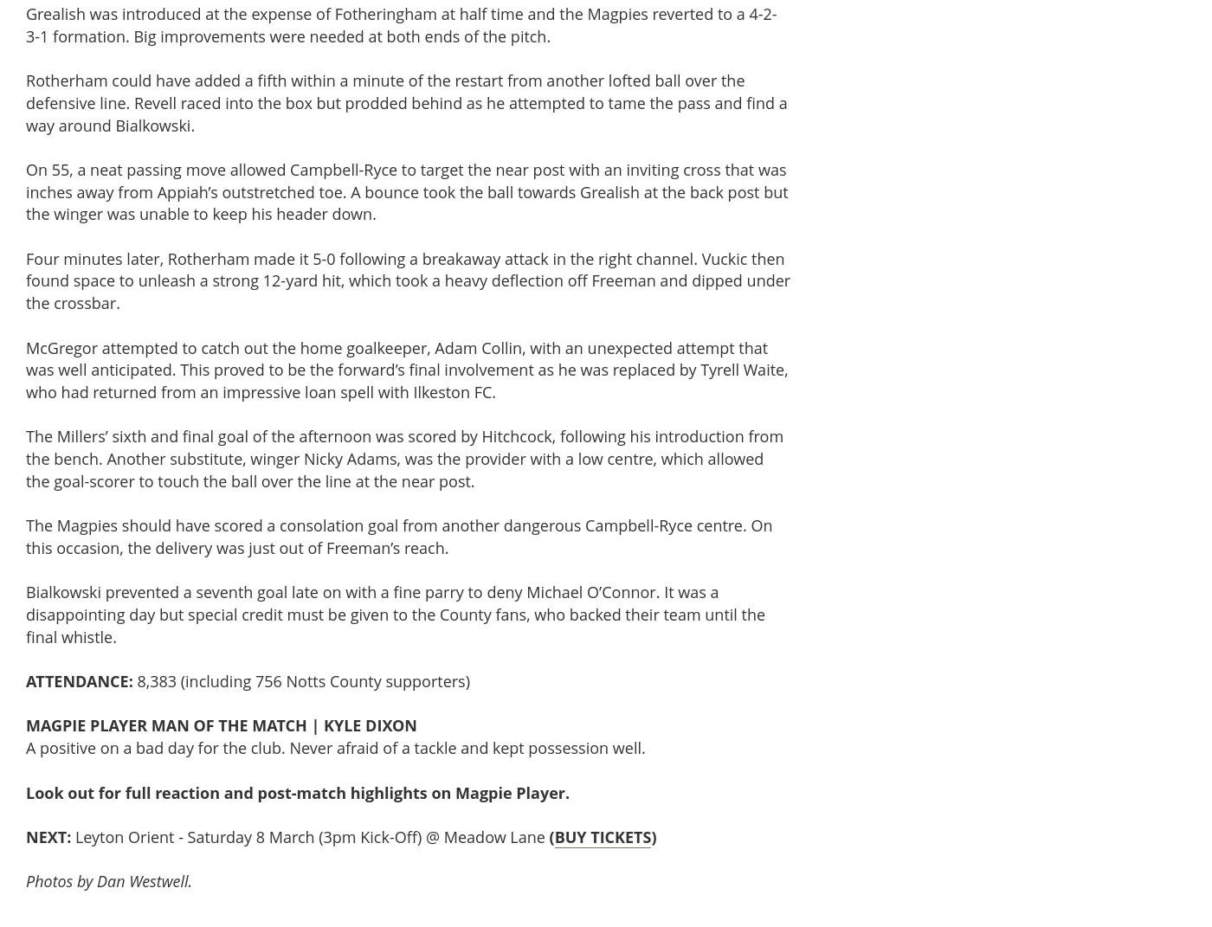 The width and height of the screenshot is (1212, 927). I want to click on ')', so click(654, 836).